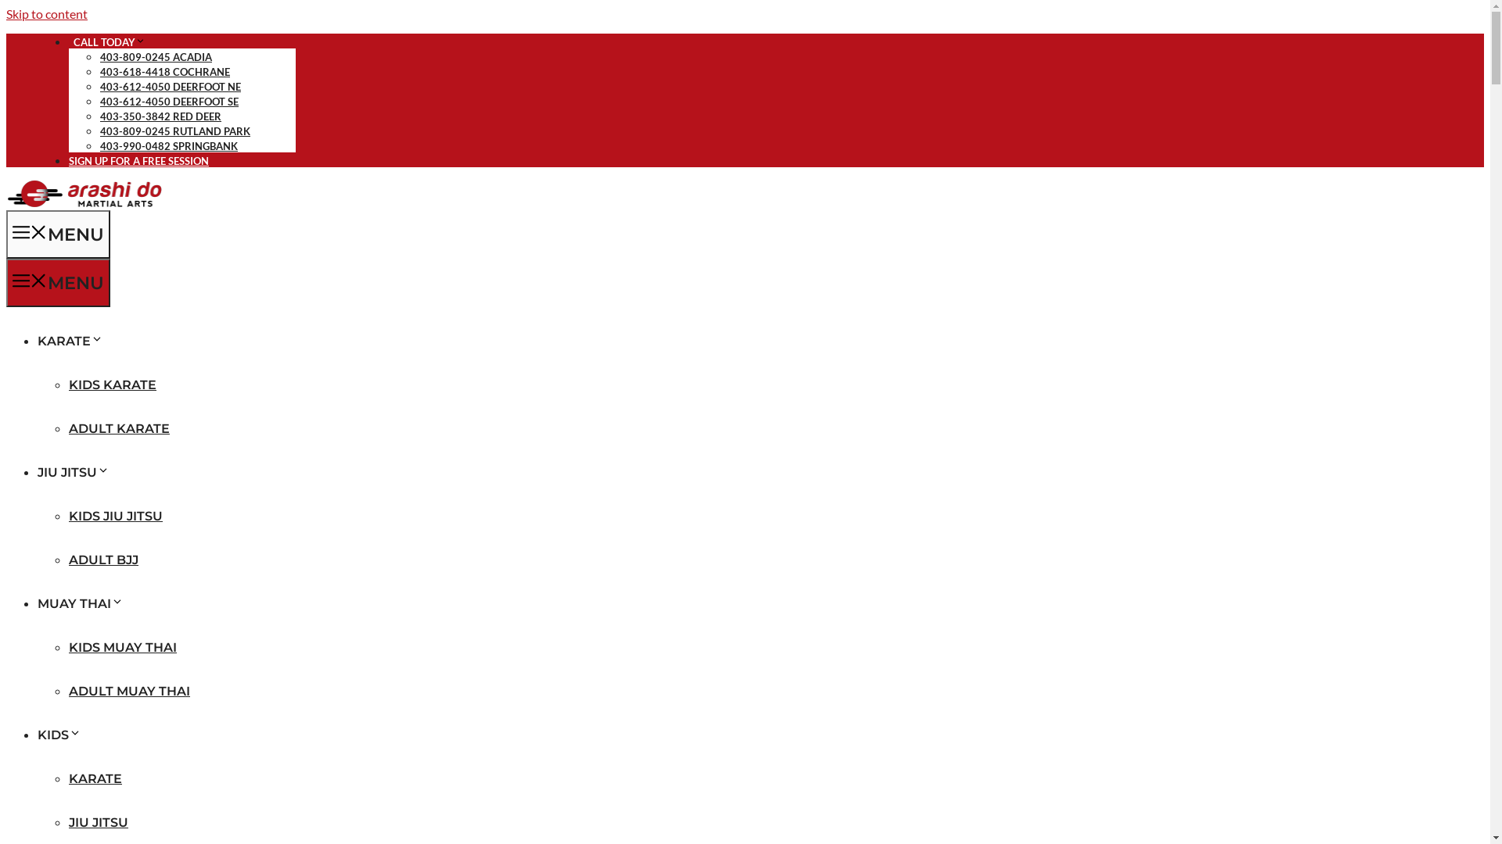  Describe the element at coordinates (169, 145) in the screenshot. I see `'403-990-0482 SPRINGBANK'` at that location.